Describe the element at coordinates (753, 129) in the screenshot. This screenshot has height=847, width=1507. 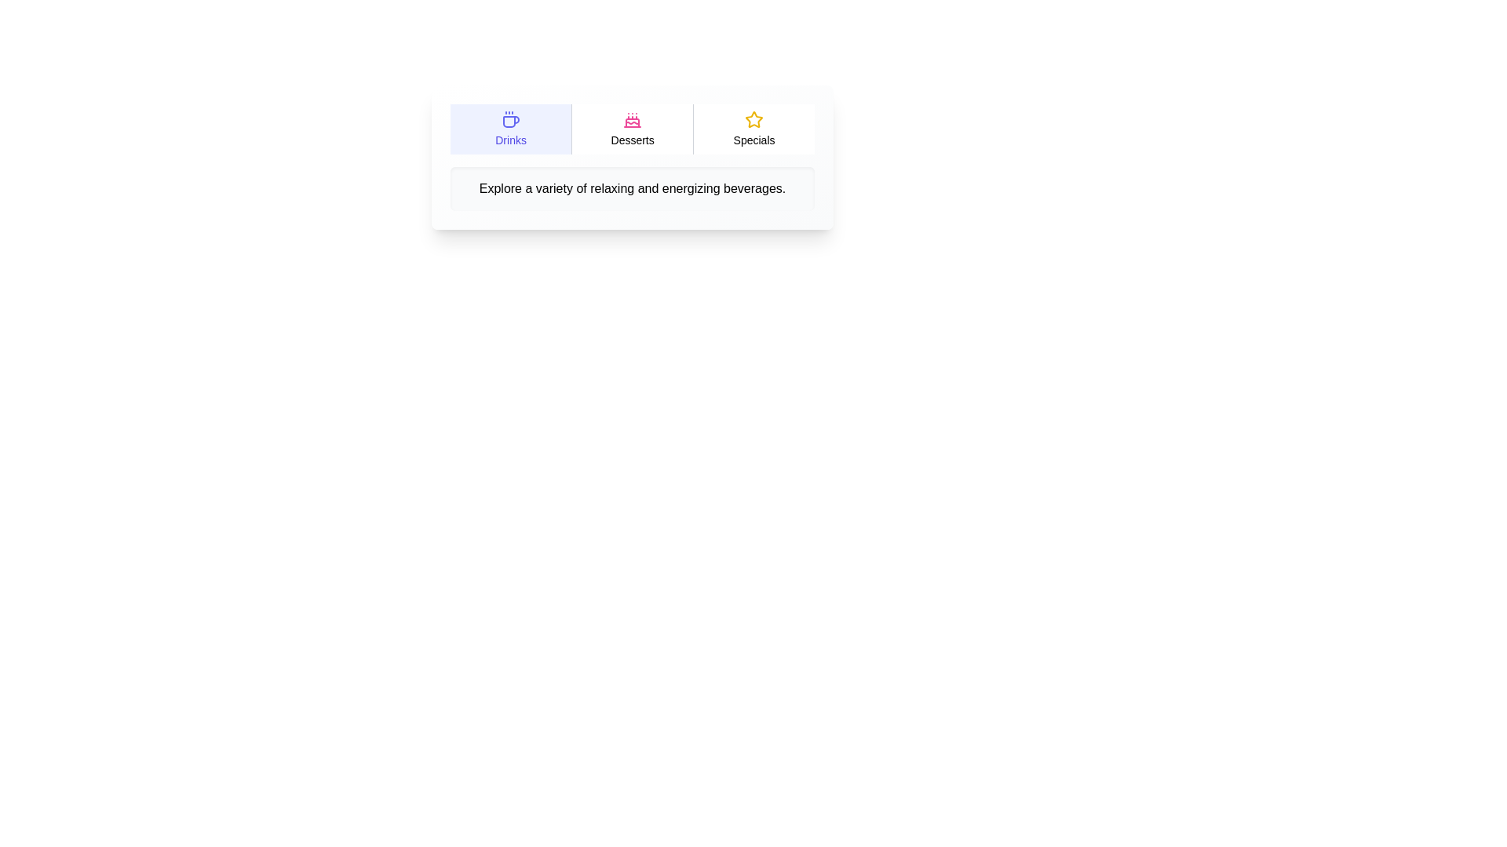
I see `the tab labeled Specials` at that location.